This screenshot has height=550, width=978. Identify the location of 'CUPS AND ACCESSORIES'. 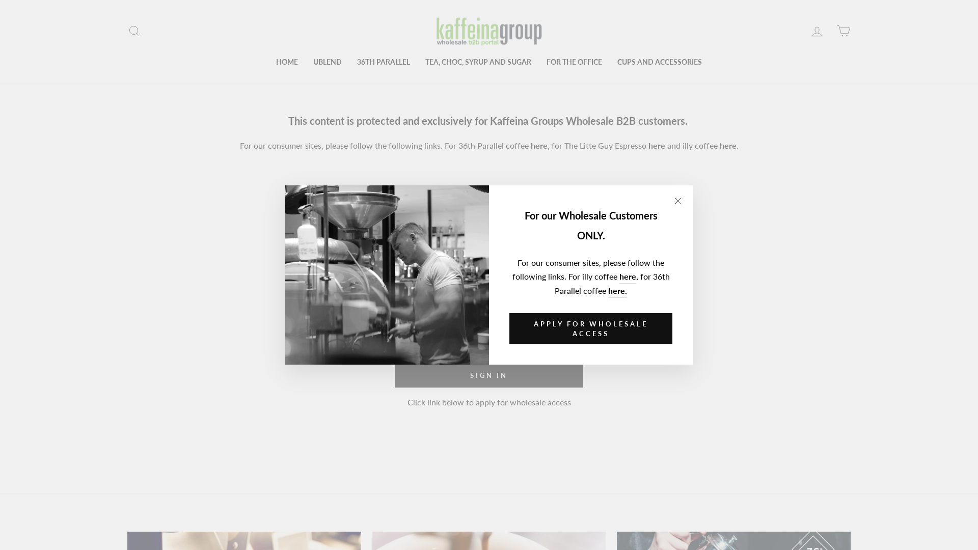
(609, 62).